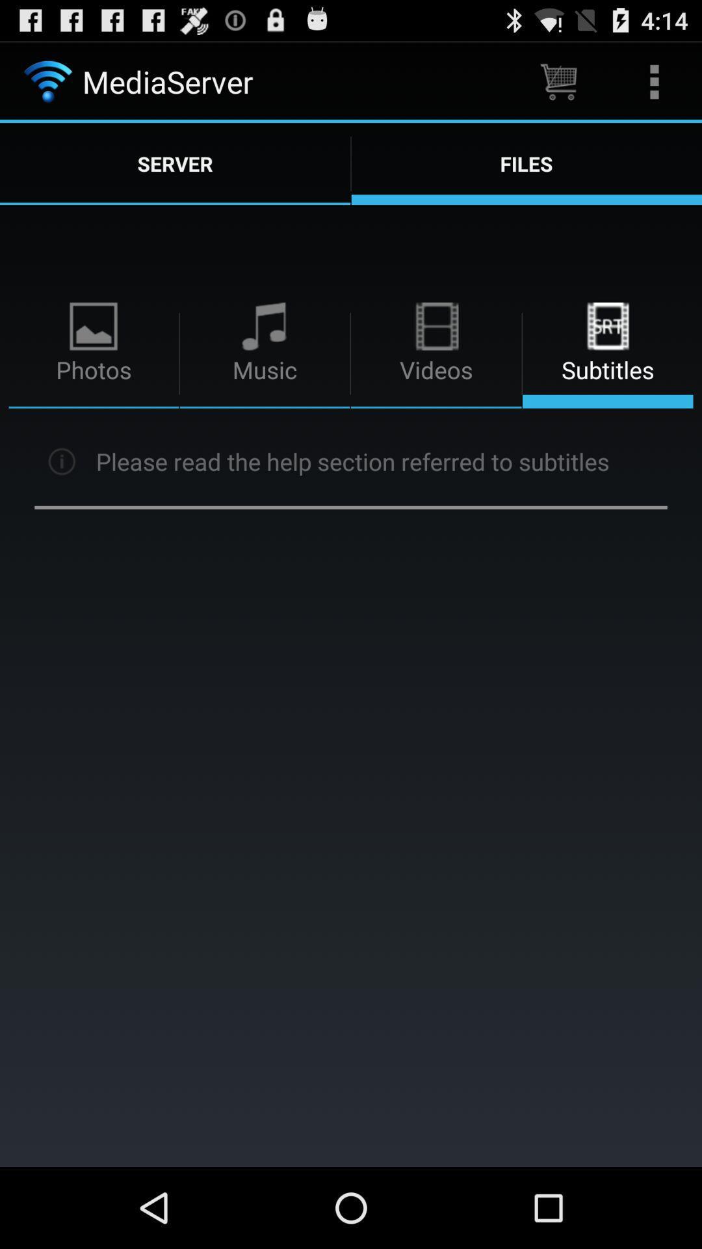  I want to click on app to the right of the mediaserver item, so click(558, 81).